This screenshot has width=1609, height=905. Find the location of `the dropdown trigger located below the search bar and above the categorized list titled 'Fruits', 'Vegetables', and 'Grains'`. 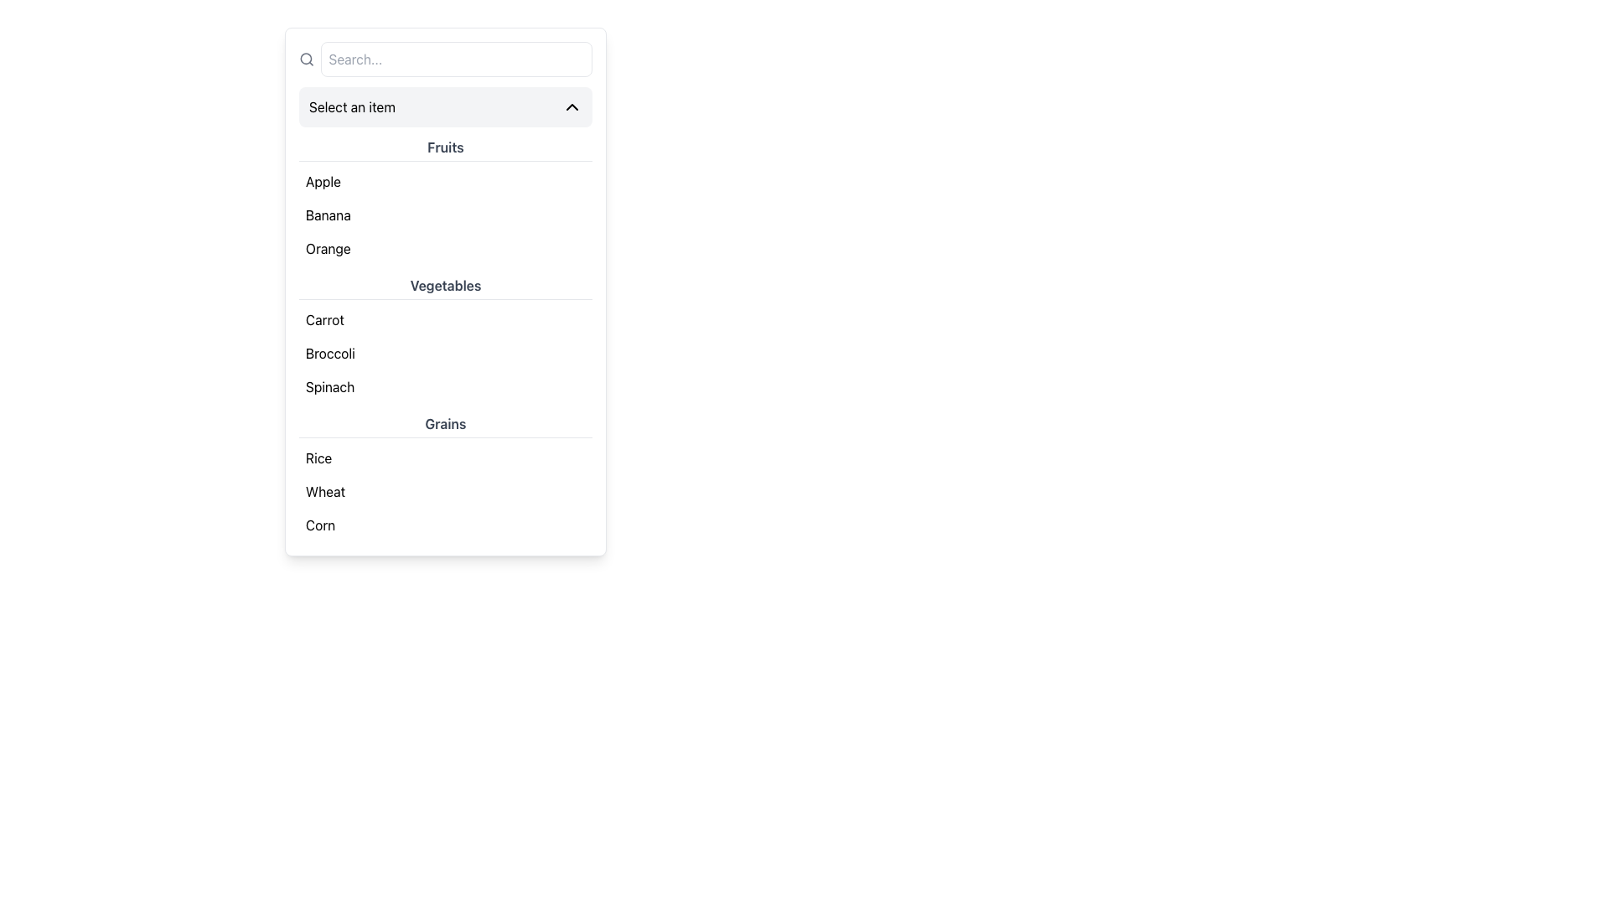

the dropdown trigger located below the search bar and above the categorized list titled 'Fruits', 'Vegetables', and 'Grains' is located at coordinates (446, 106).